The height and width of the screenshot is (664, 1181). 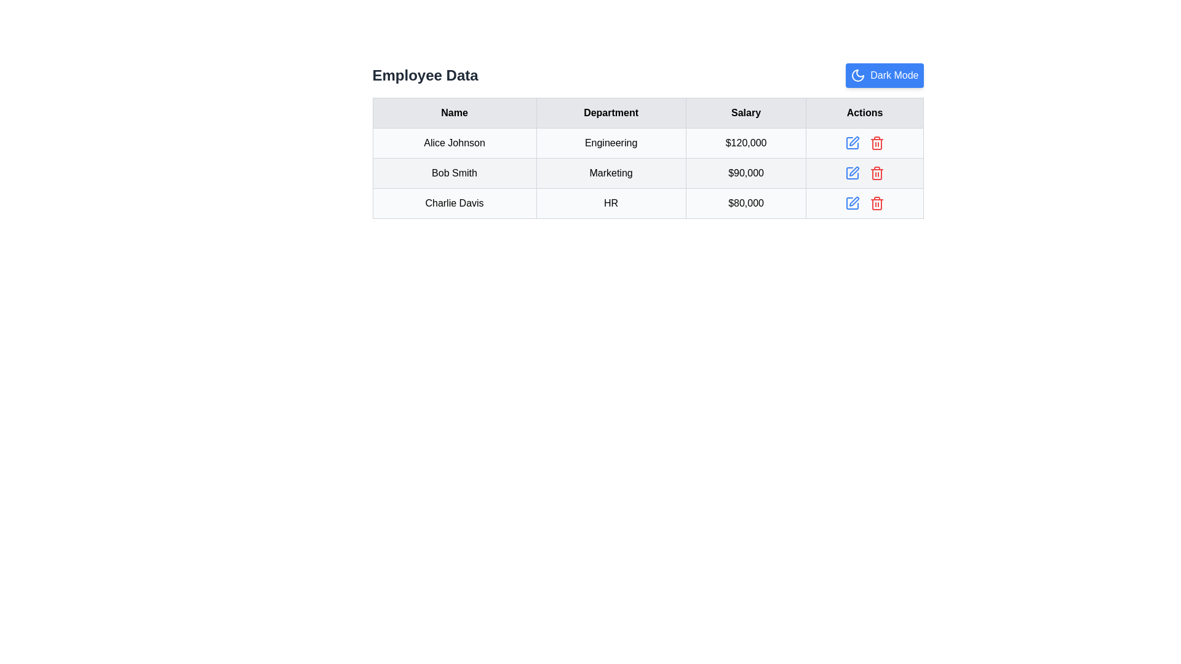 What do you see at coordinates (852, 173) in the screenshot?
I see `the icon button with a pen graphic` at bounding box center [852, 173].